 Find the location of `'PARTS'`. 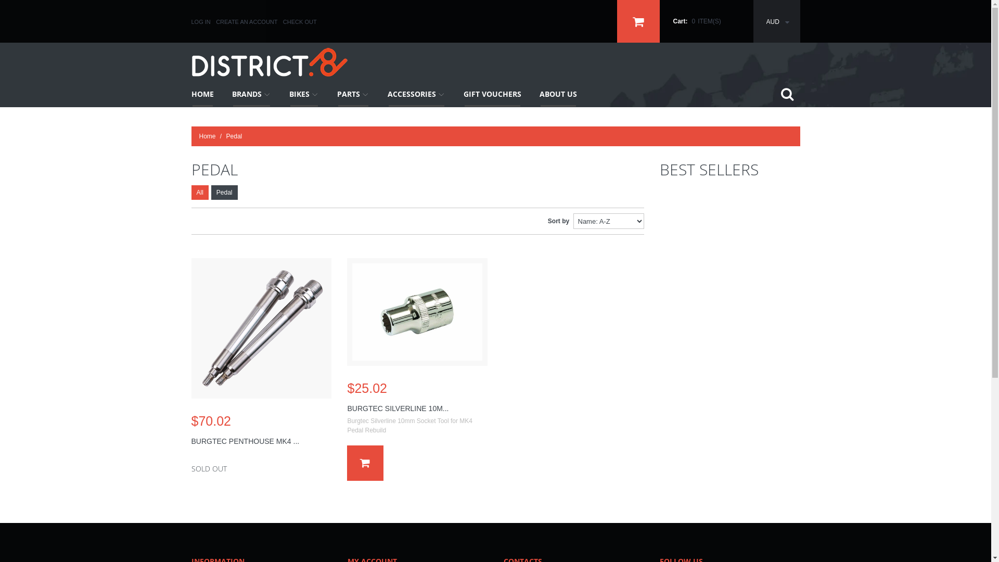

'PARTS' is located at coordinates (328, 94).